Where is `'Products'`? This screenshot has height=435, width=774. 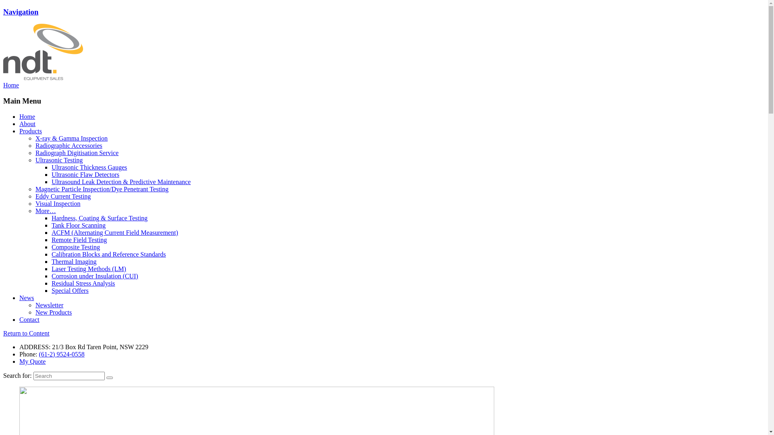 'Products' is located at coordinates (31, 130).